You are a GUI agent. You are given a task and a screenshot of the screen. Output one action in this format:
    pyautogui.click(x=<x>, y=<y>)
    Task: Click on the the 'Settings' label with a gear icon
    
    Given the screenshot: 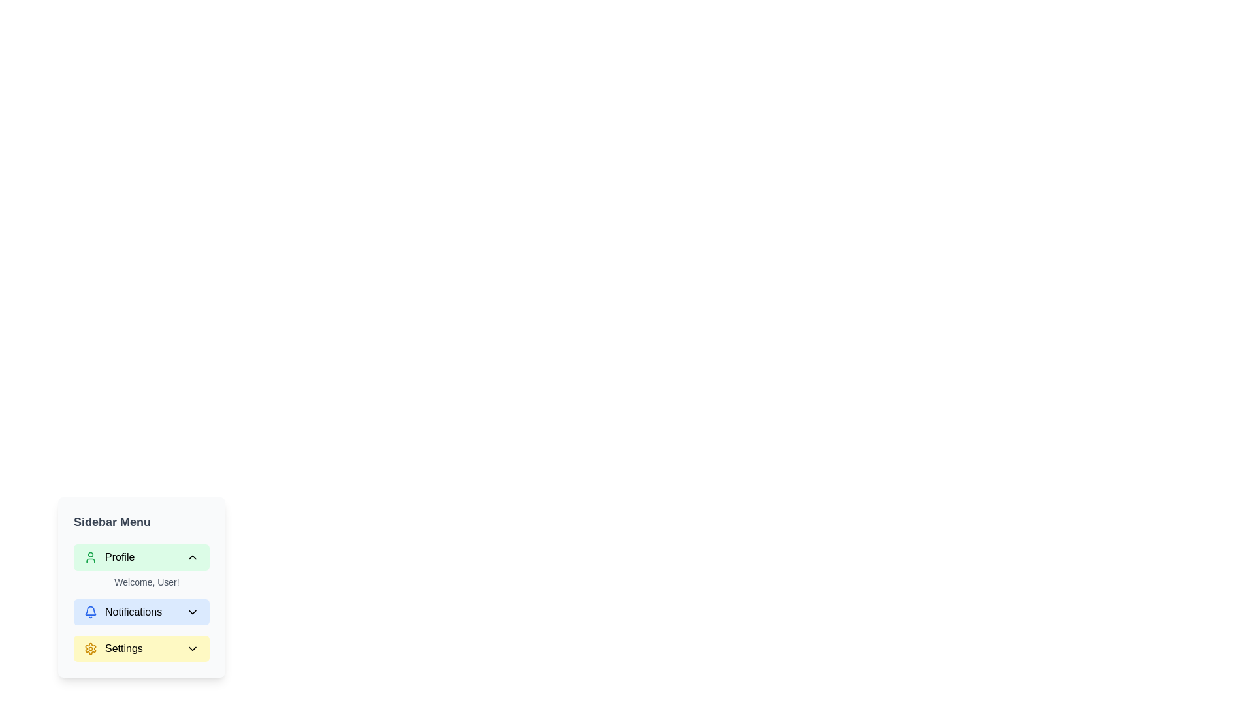 What is the action you would take?
    pyautogui.click(x=113, y=649)
    